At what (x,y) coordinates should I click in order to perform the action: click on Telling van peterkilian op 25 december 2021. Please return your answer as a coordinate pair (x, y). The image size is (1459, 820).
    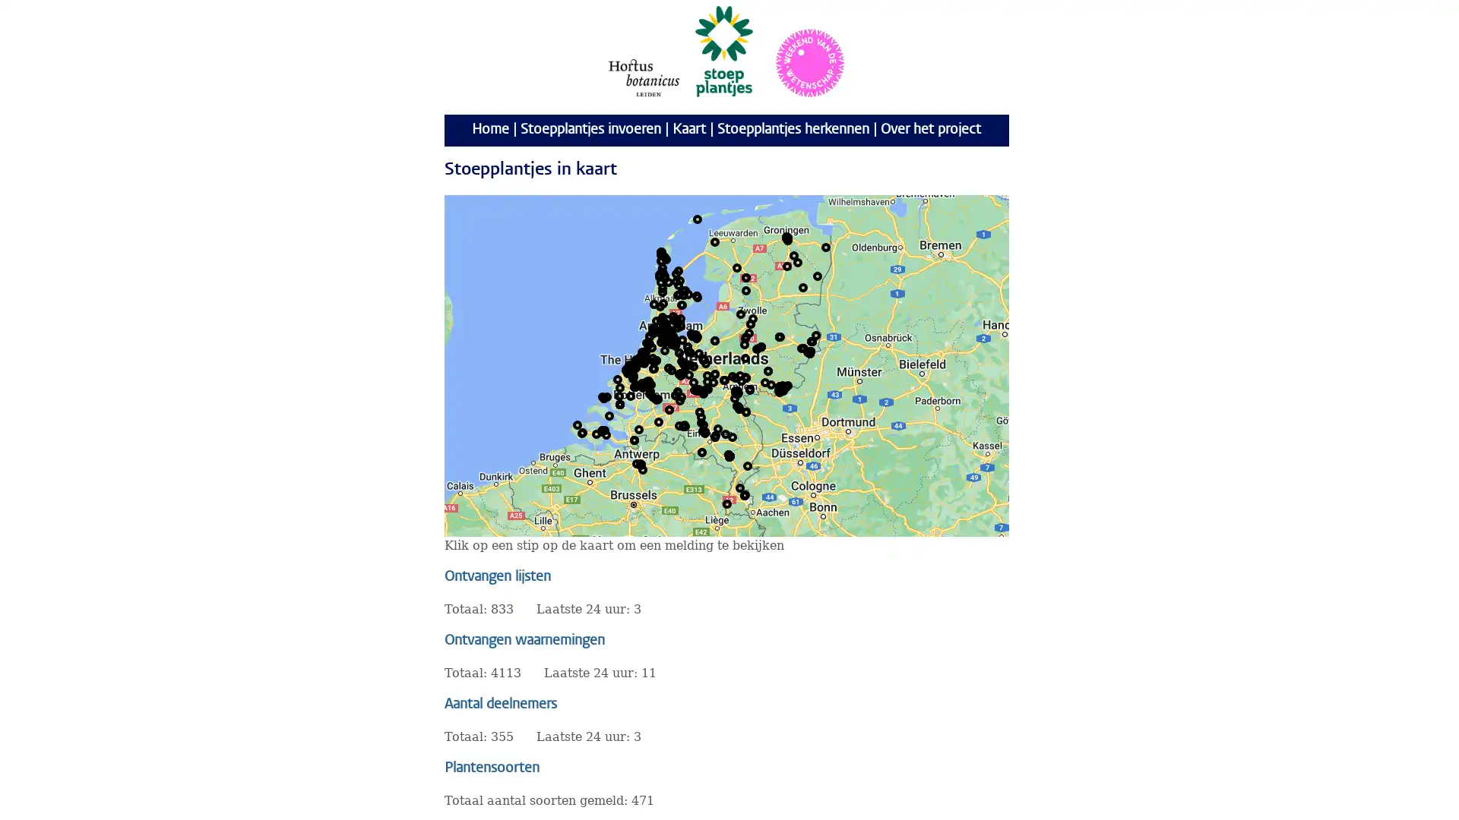
    Looking at the image, I should click on (677, 391).